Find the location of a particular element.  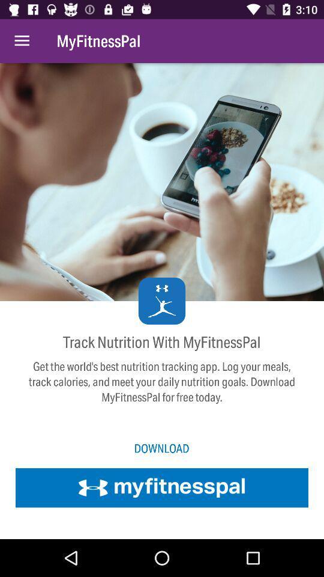

download is located at coordinates (162, 487).